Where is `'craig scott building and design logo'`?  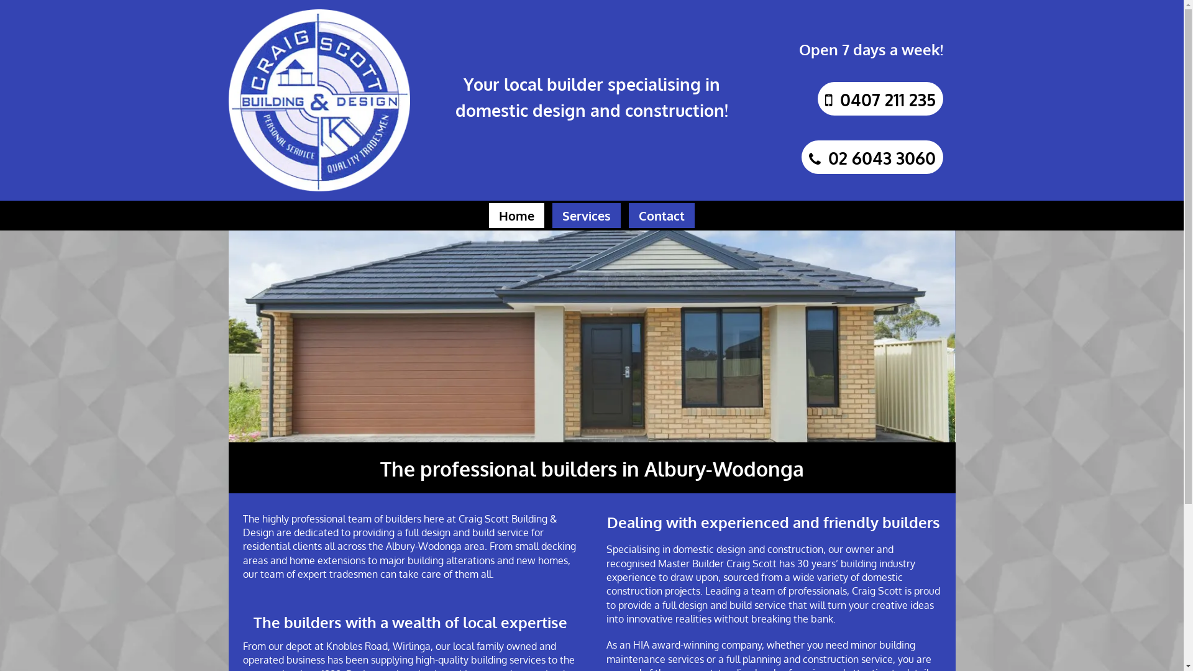 'craig scott building and design logo' is located at coordinates (229, 99).